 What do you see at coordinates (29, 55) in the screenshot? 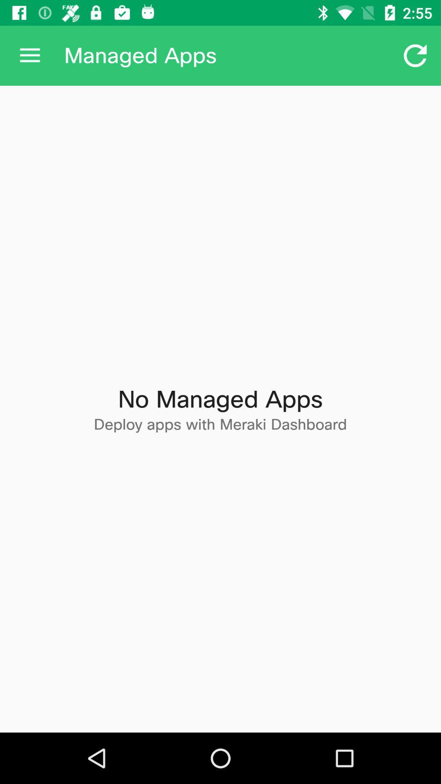
I see `the app to the left of the managed apps` at bounding box center [29, 55].